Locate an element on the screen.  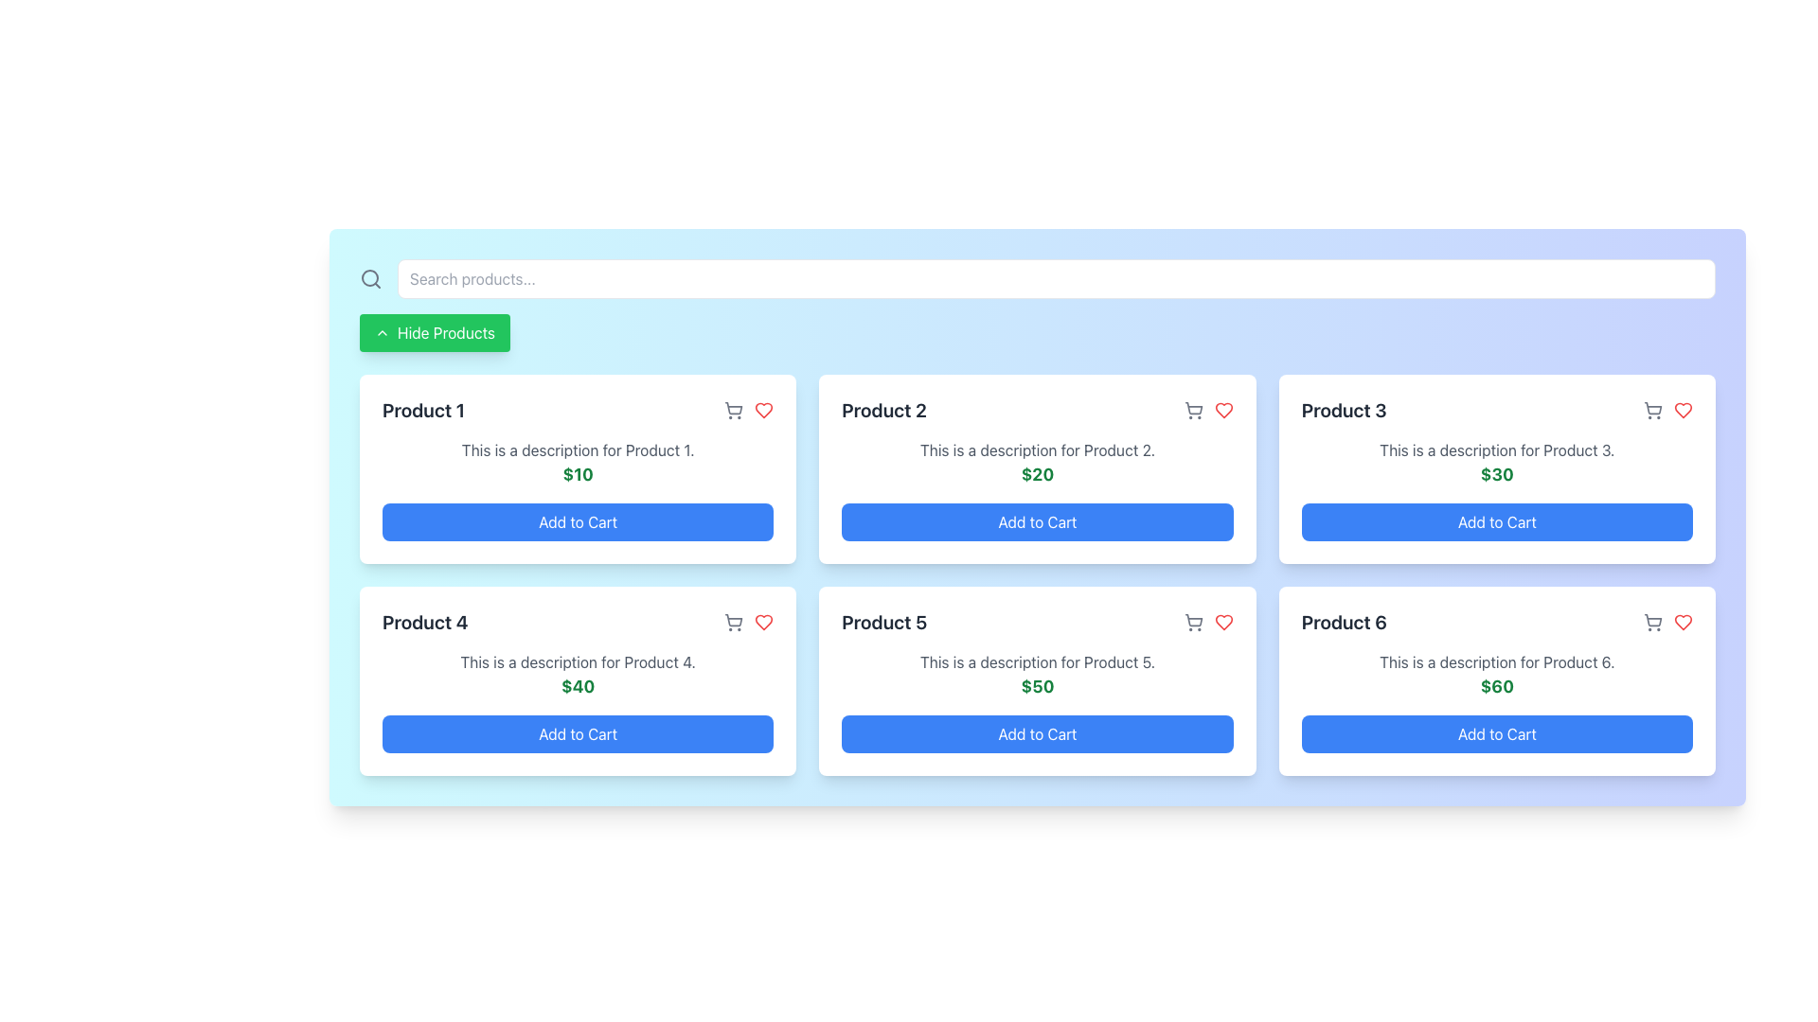
the 'Add to Cart' button located in the card of 'Product 2' is located at coordinates (1036, 521).